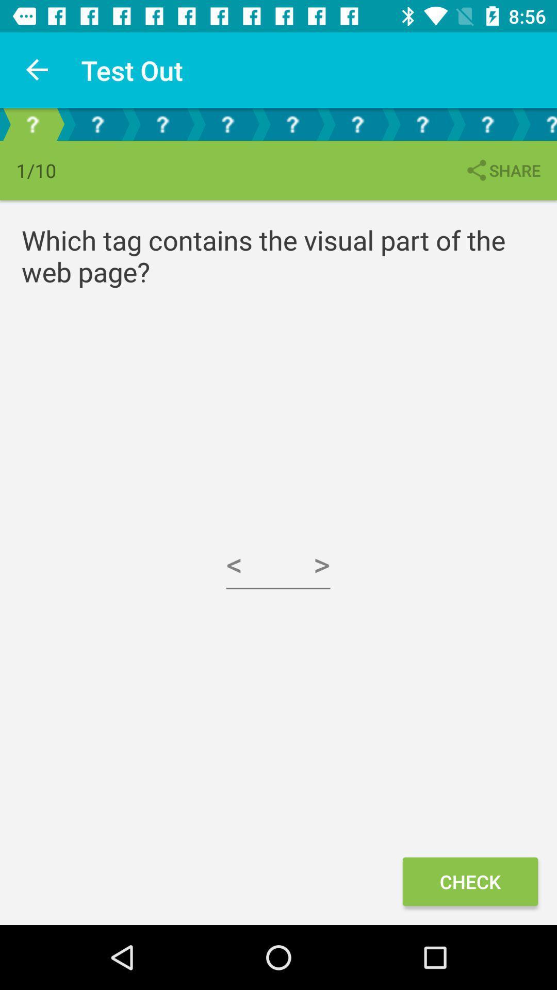 This screenshot has height=990, width=557. What do you see at coordinates (422, 124) in the screenshot?
I see `the help icon` at bounding box center [422, 124].